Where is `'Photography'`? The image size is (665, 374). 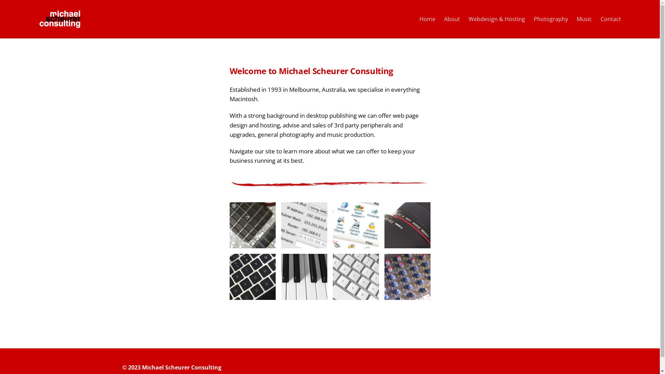 'Photography' is located at coordinates (550, 19).